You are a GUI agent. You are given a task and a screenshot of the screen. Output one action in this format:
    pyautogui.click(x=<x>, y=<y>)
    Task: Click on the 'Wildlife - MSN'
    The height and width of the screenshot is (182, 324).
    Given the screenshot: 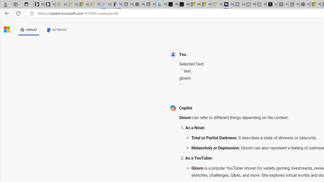 What is the action you would take?
    pyautogui.click(x=315, y=4)
    